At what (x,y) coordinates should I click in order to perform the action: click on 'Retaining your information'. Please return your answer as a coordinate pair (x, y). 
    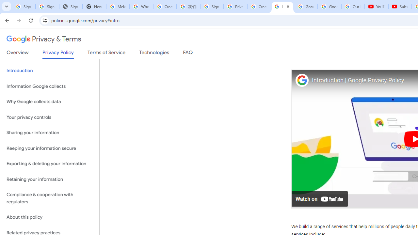
    Looking at the image, I should click on (49, 179).